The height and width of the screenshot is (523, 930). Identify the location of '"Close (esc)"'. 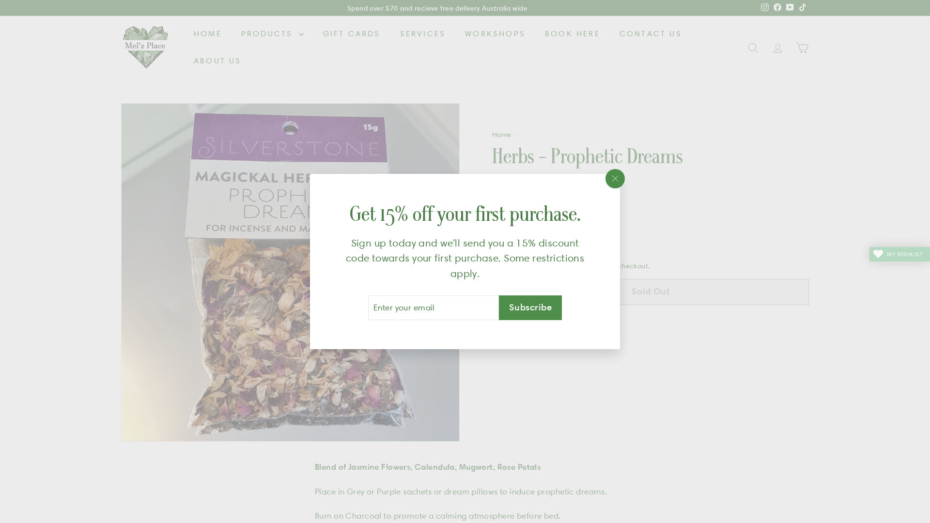
(615, 179).